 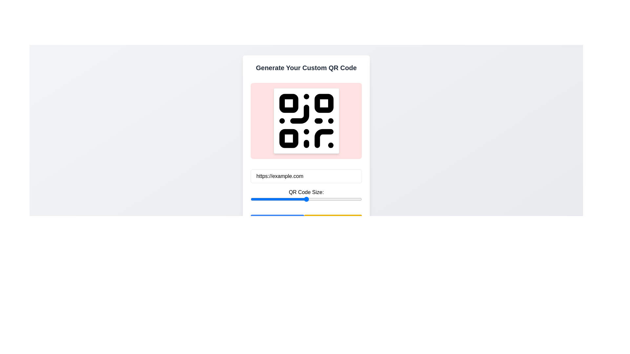 What do you see at coordinates (343, 199) in the screenshot?
I see `the QR code size` at bounding box center [343, 199].